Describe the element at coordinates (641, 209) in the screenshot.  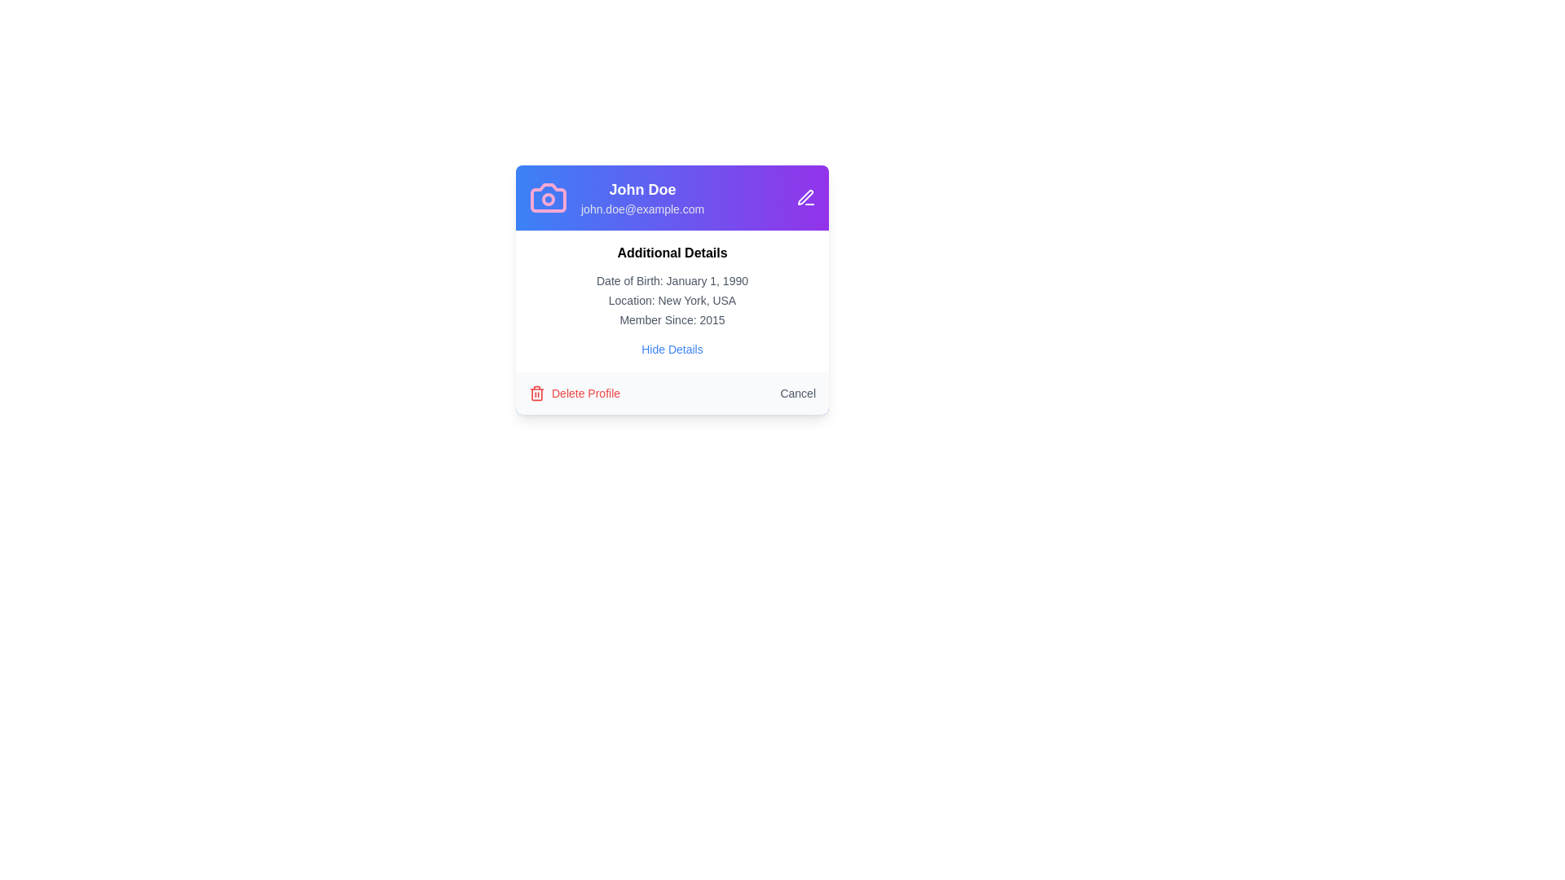
I see `email address displayed in the text label element located below the username 'John Doe' in the profile card interface` at that location.